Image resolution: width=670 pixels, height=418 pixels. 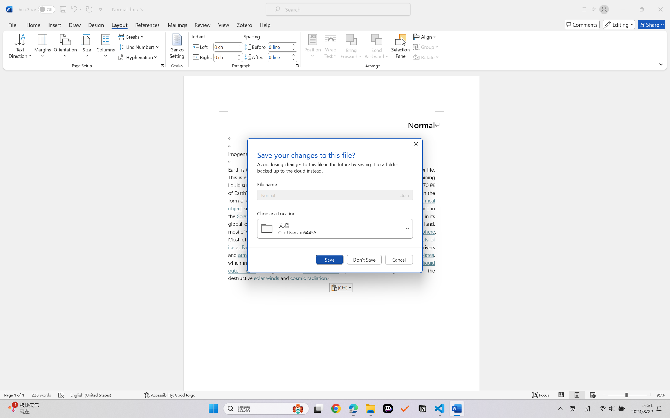 I want to click on 'Class: NetUIScrollBar', so click(x=666, y=230).